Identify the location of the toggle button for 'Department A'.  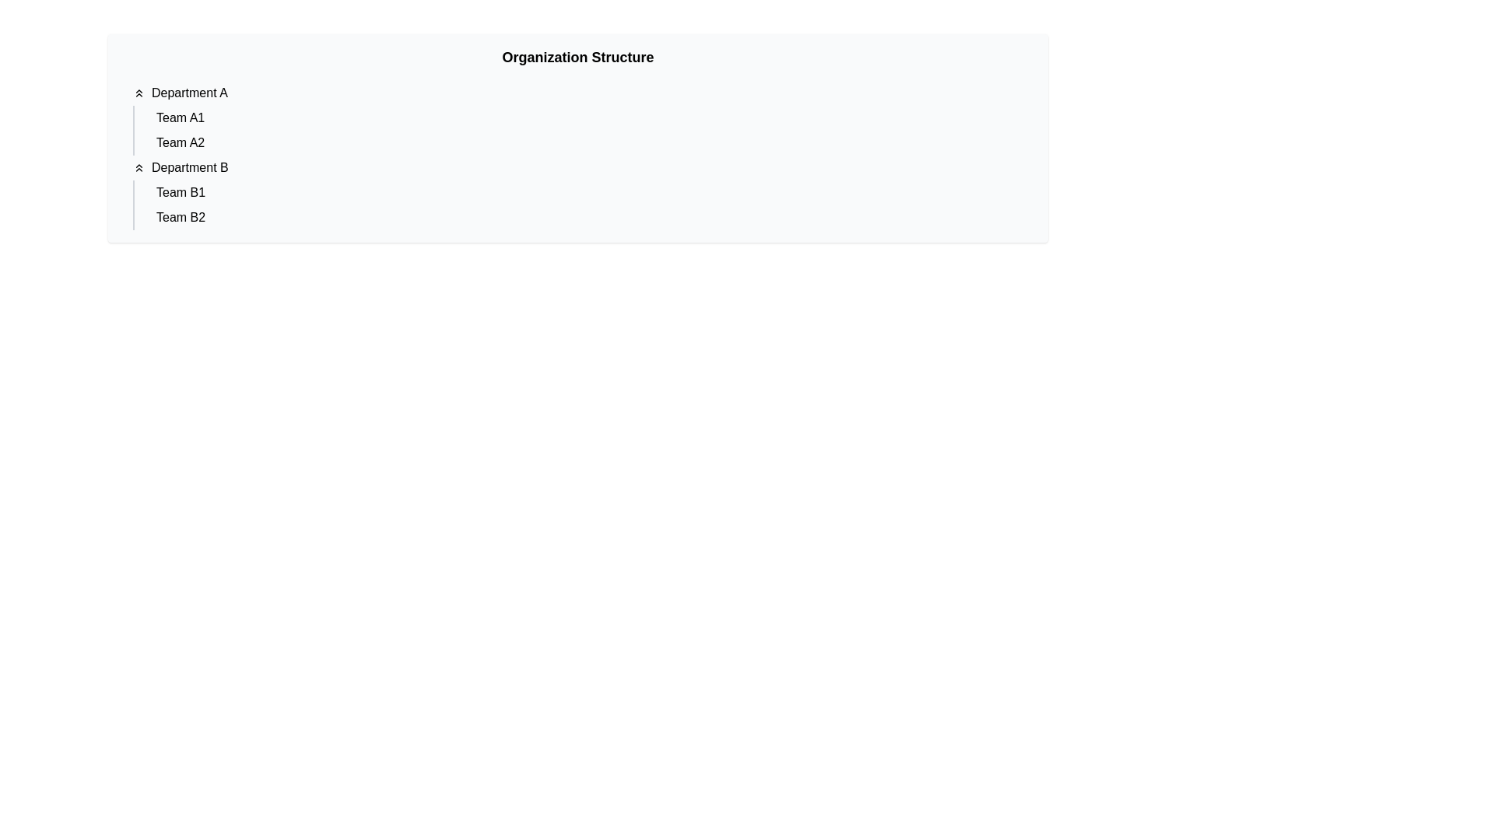
(139, 93).